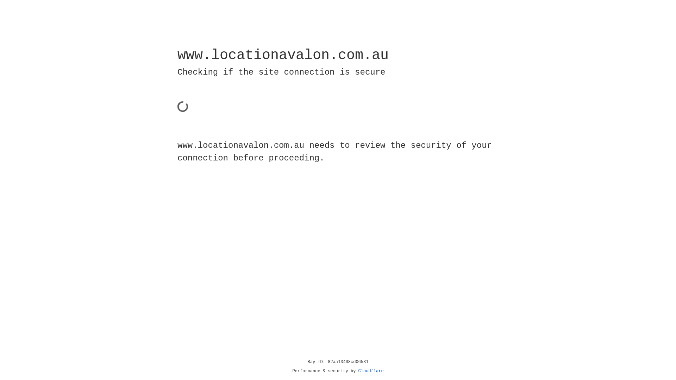  I want to click on 'Cloudflare', so click(371, 371).